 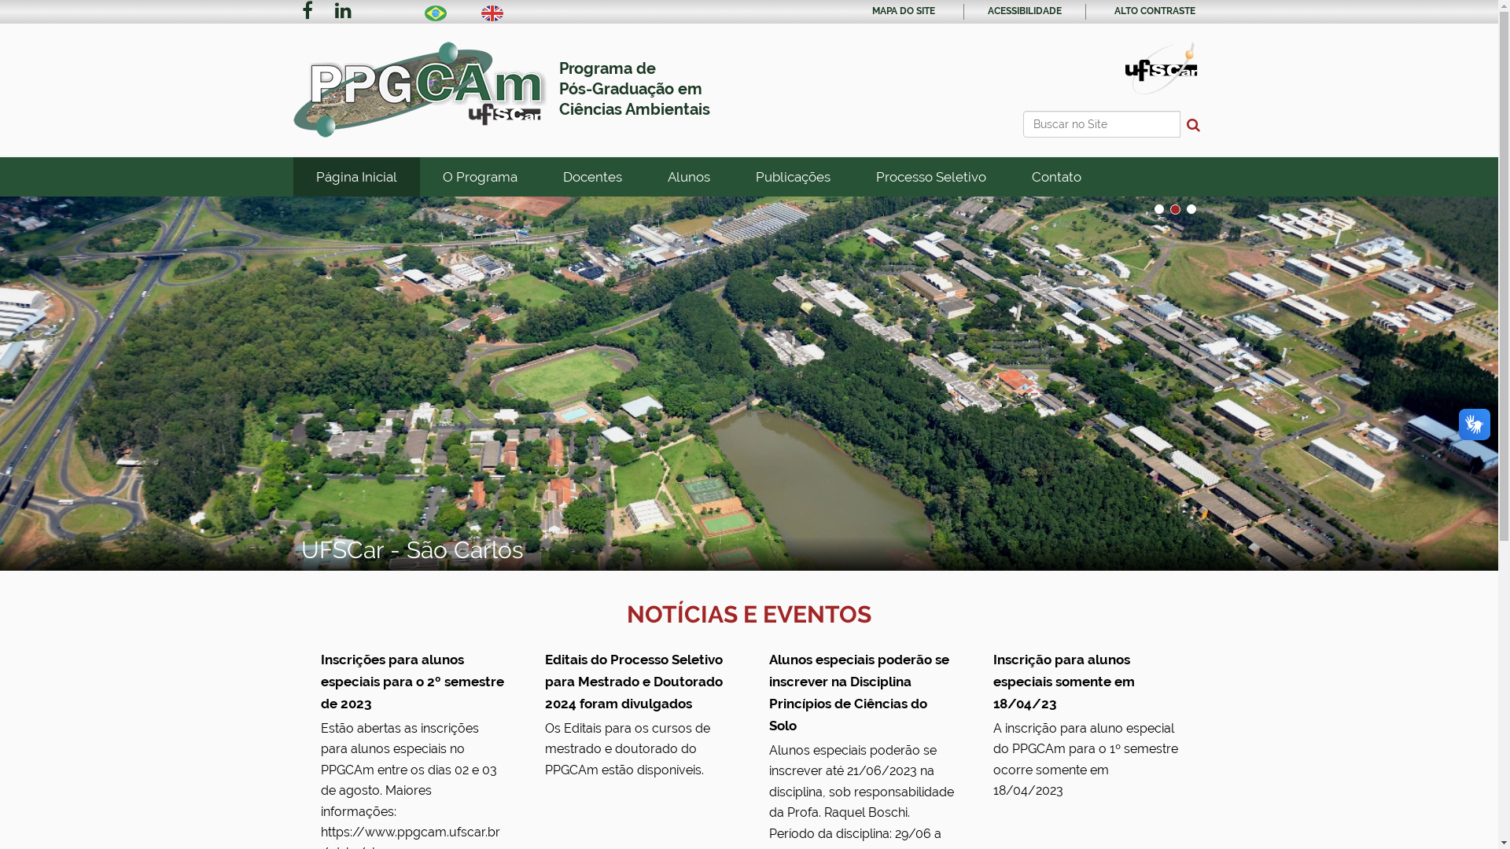 I want to click on 'Facebook PPGCaml', so click(x=307, y=12).